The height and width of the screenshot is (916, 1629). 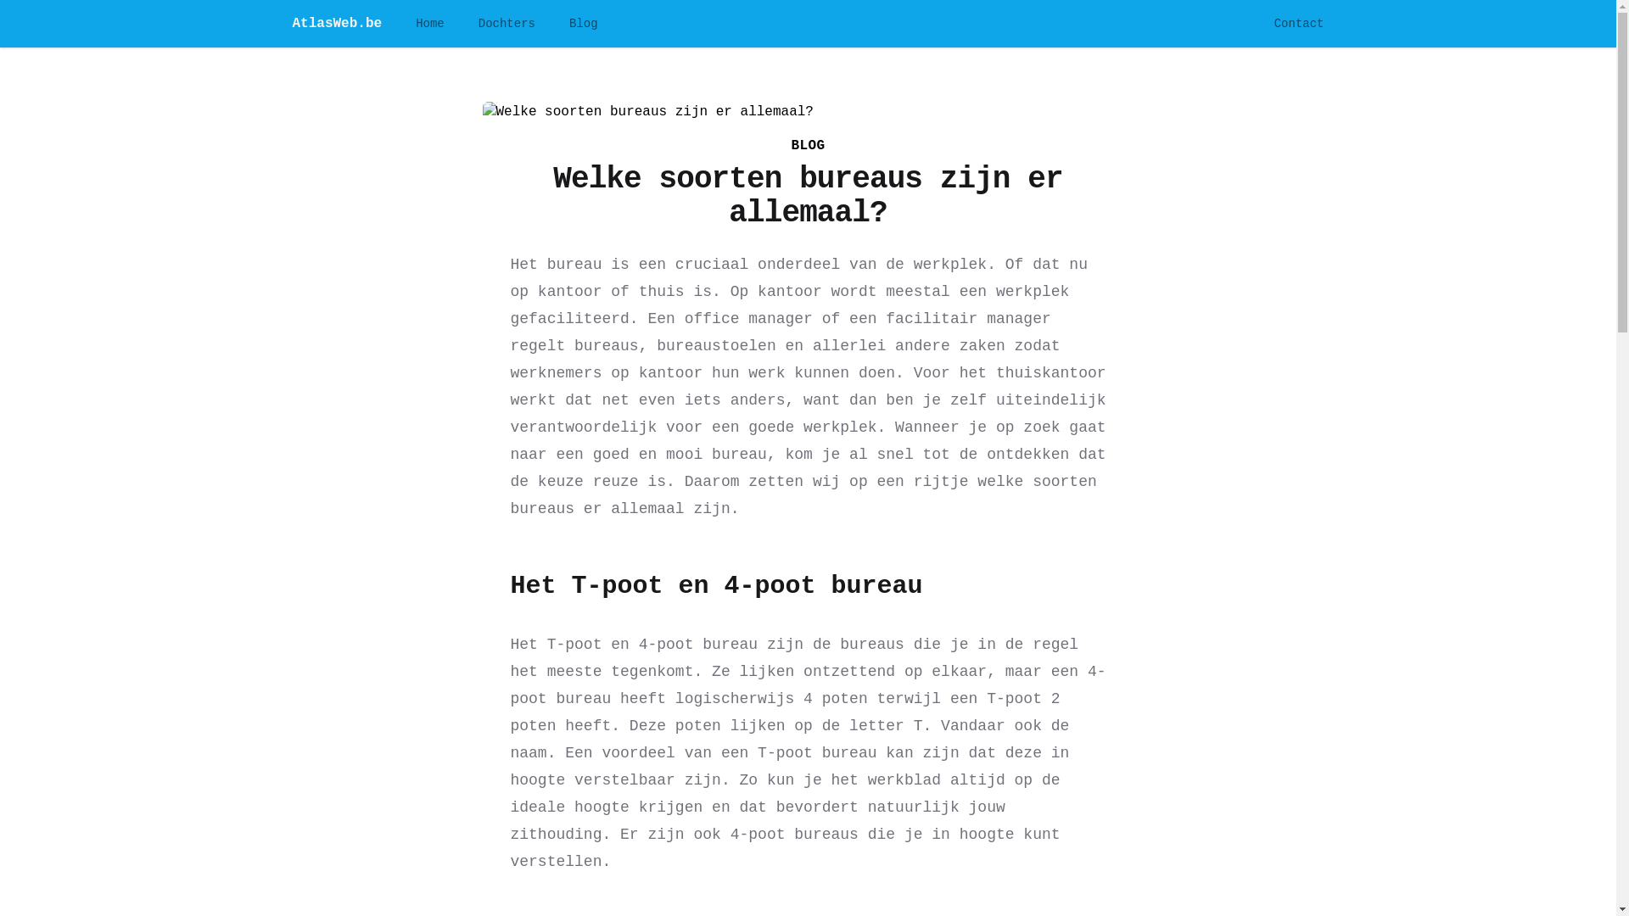 What do you see at coordinates (1298, 23) in the screenshot?
I see `'Contact'` at bounding box center [1298, 23].